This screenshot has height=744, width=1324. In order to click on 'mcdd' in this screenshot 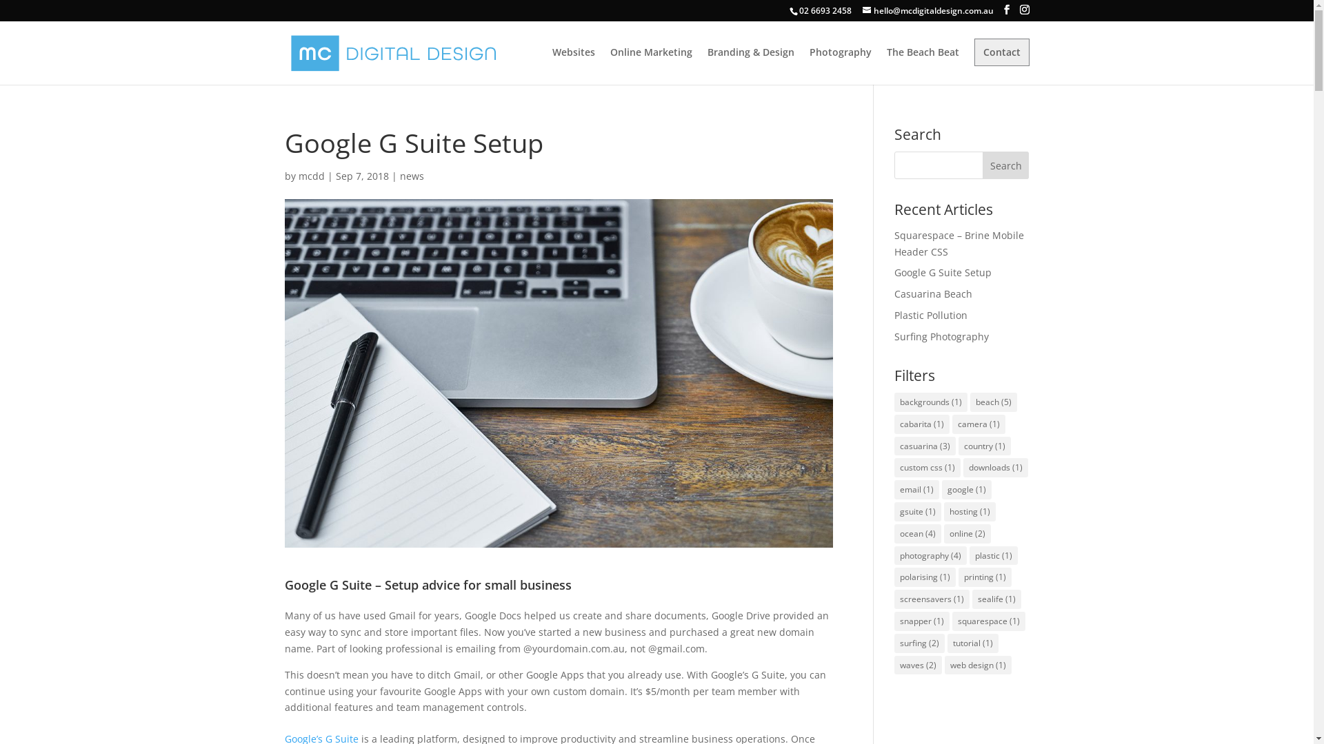, I will do `click(310, 175)`.